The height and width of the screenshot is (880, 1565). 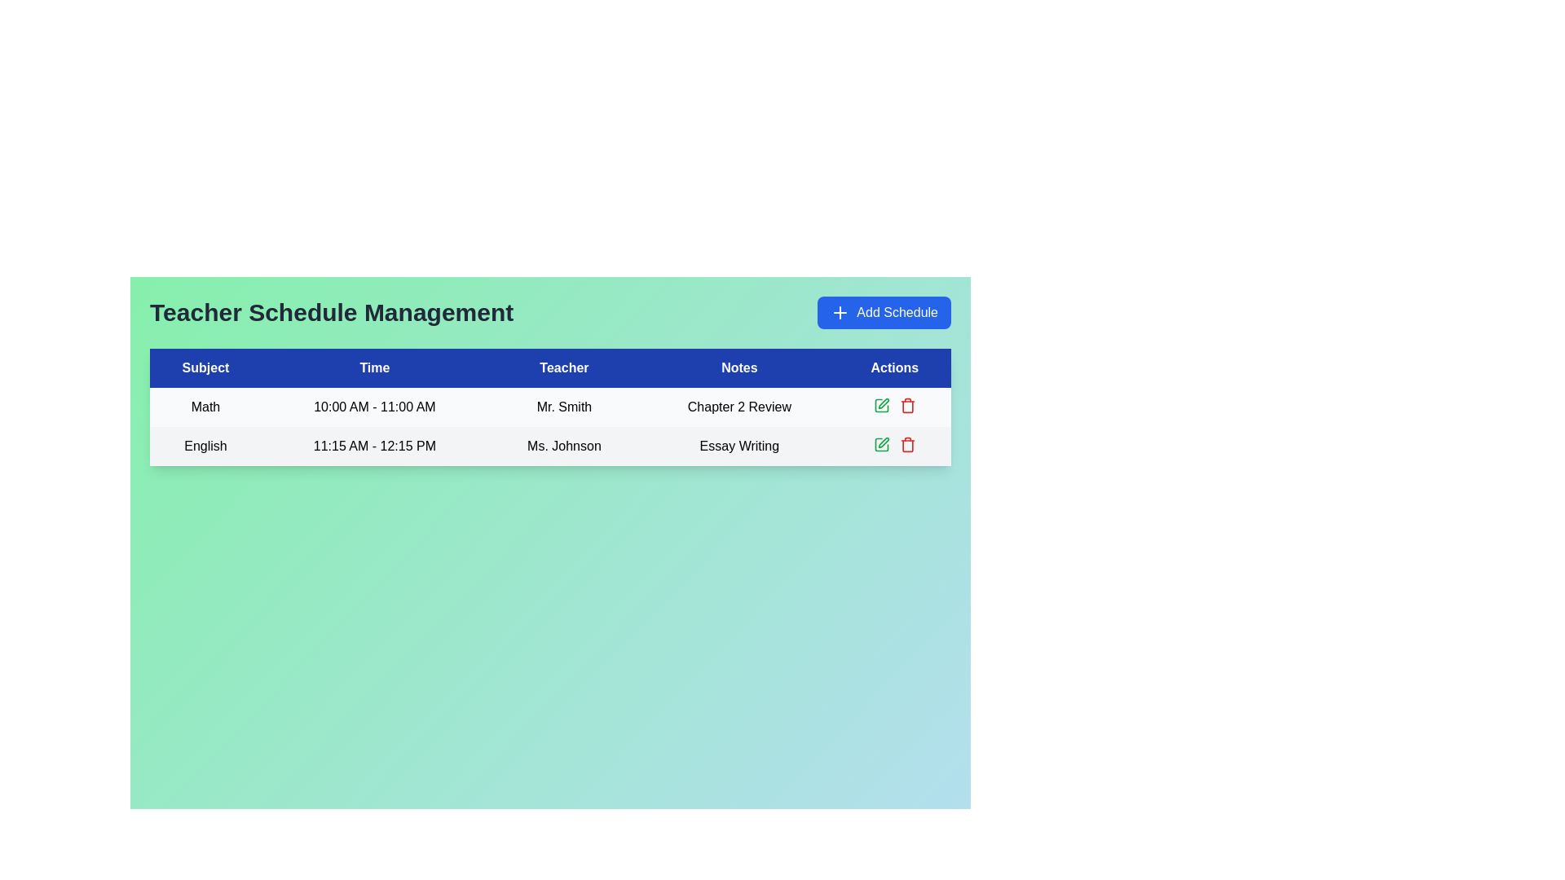 I want to click on the trash bin icon in the 'Actions' column of the second row, so click(x=906, y=446).